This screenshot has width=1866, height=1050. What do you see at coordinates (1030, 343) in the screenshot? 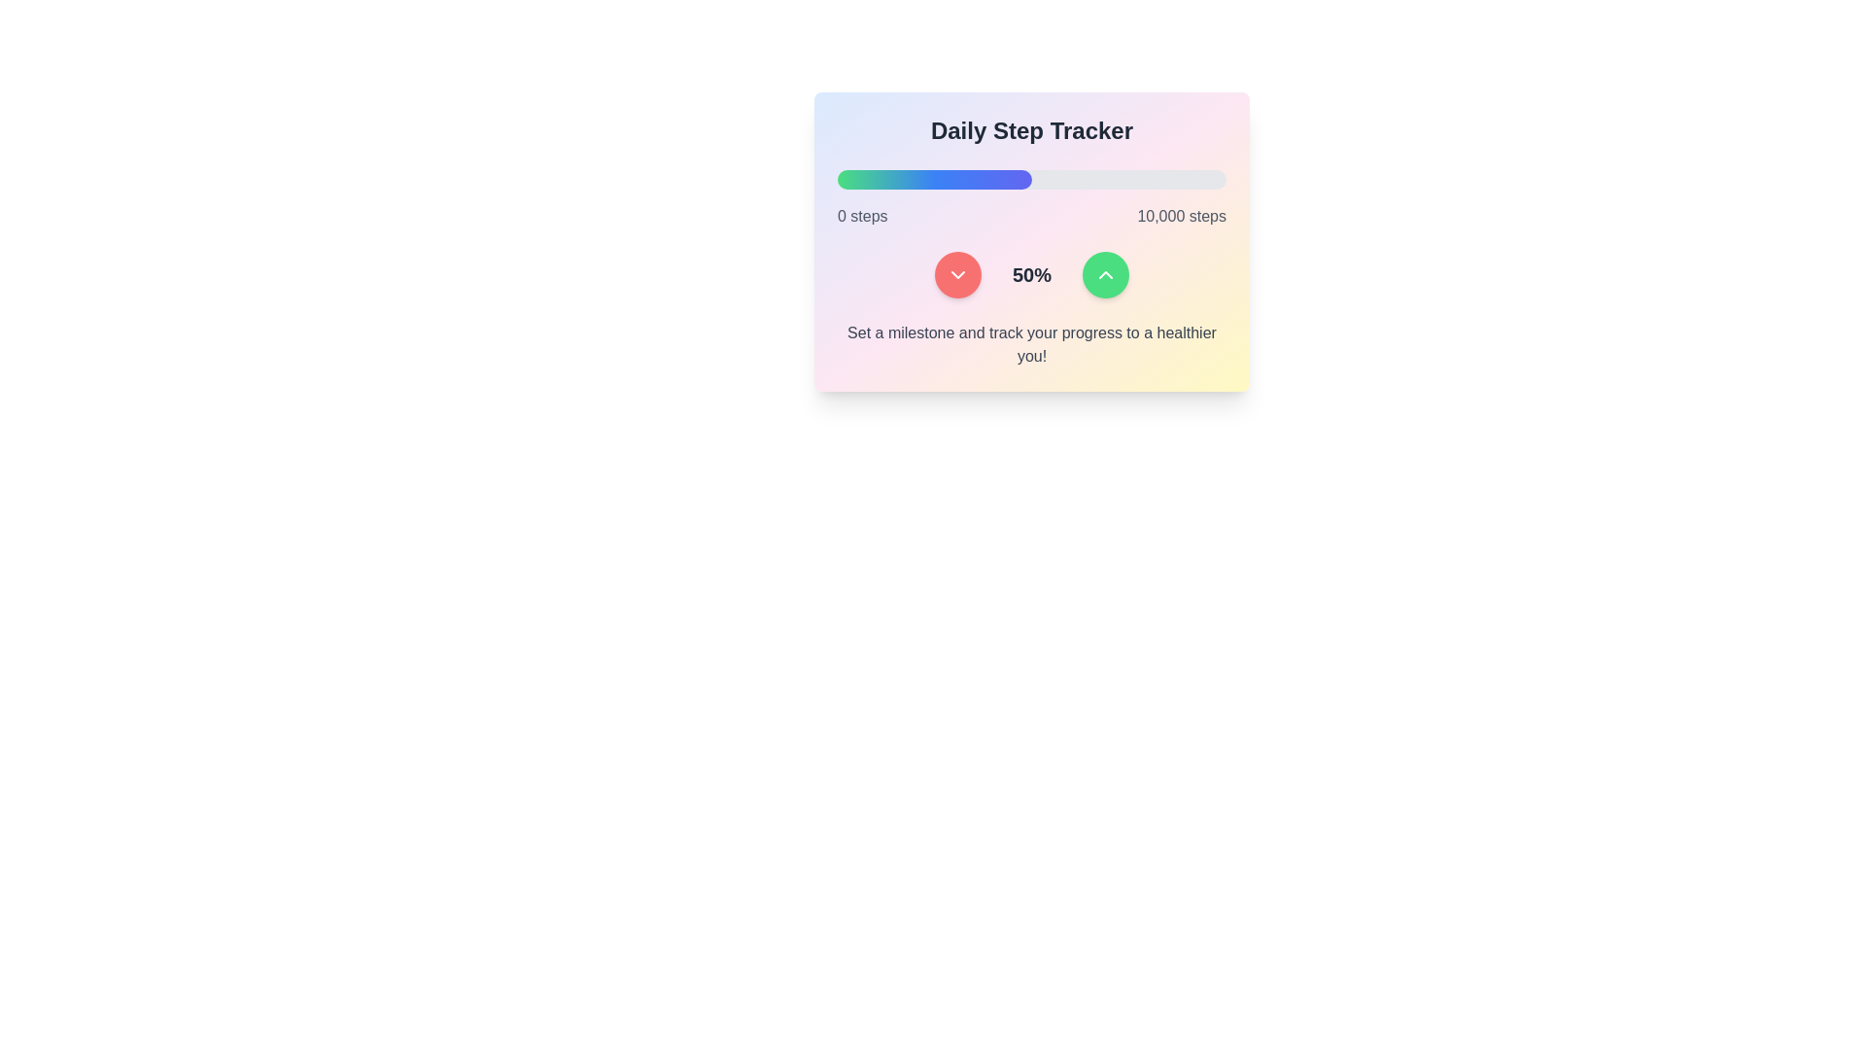
I see `the descriptive message encouraging the user to set a goal and monitor their health-related progress located at the bottom of the 'Daily Step Tracker' card` at bounding box center [1030, 343].